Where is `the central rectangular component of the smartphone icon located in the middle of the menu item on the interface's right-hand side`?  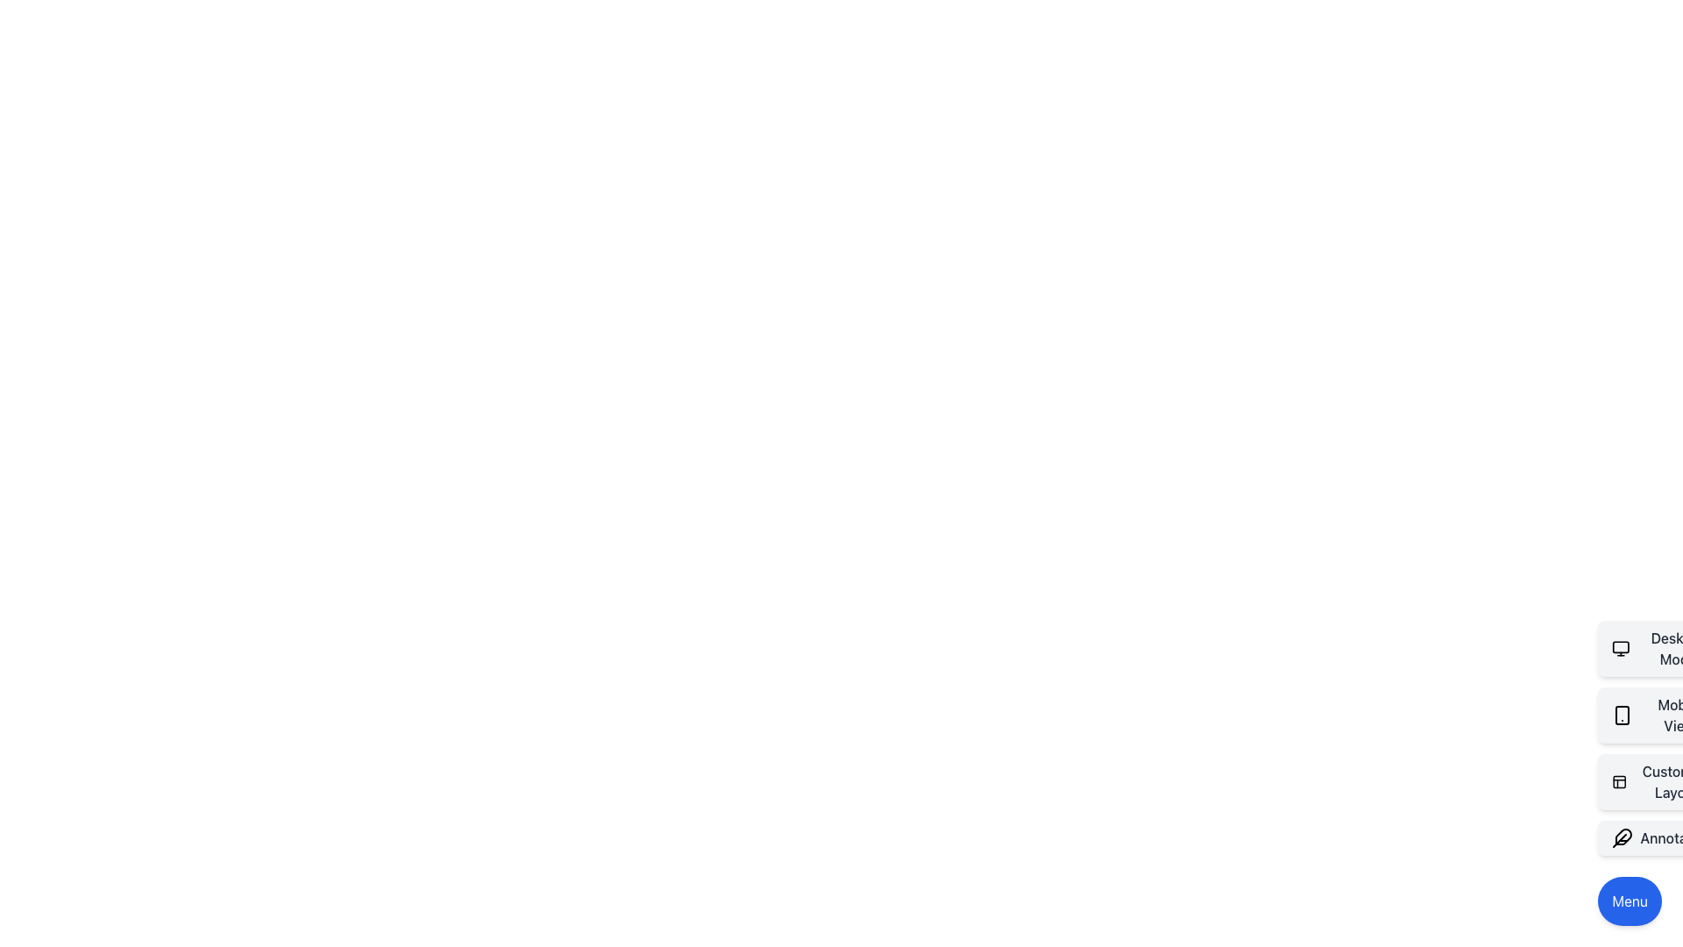
the central rectangular component of the smartphone icon located in the middle of the menu item on the interface's right-hand side is located at coordinates (1622, 716).